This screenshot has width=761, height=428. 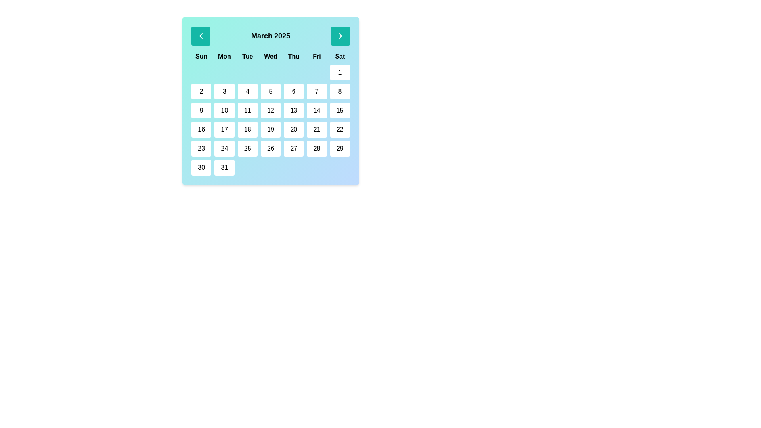 What do you see at coordinates (201, 110) in the screenshot?
I see `the selectable day button representing the ninth day in the calendar interface` at bounding box center [201, 110].